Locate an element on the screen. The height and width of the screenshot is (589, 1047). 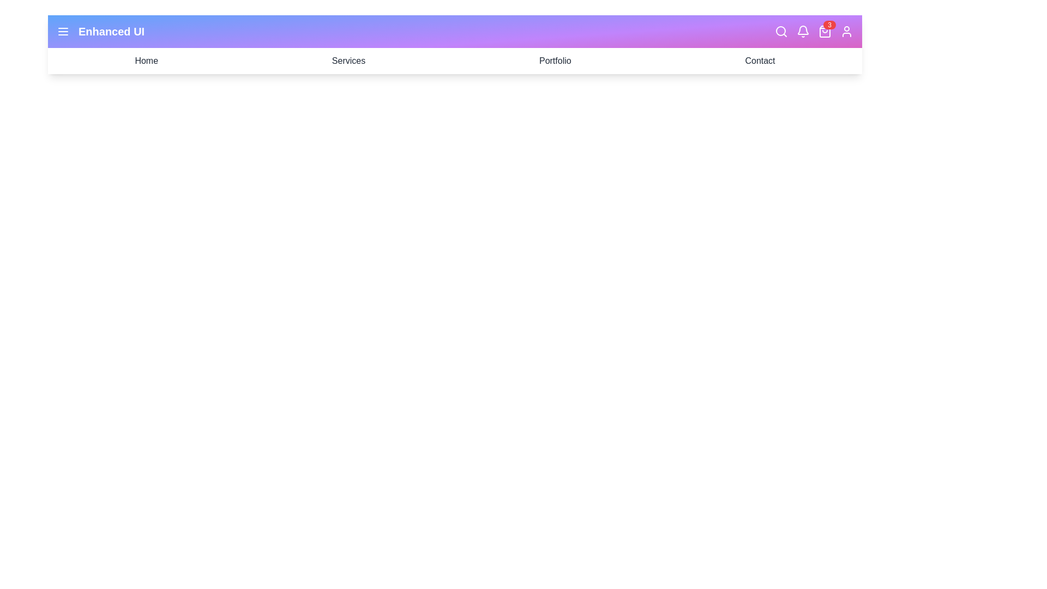
the navigation link Contact is located at coordinates (759, 61).